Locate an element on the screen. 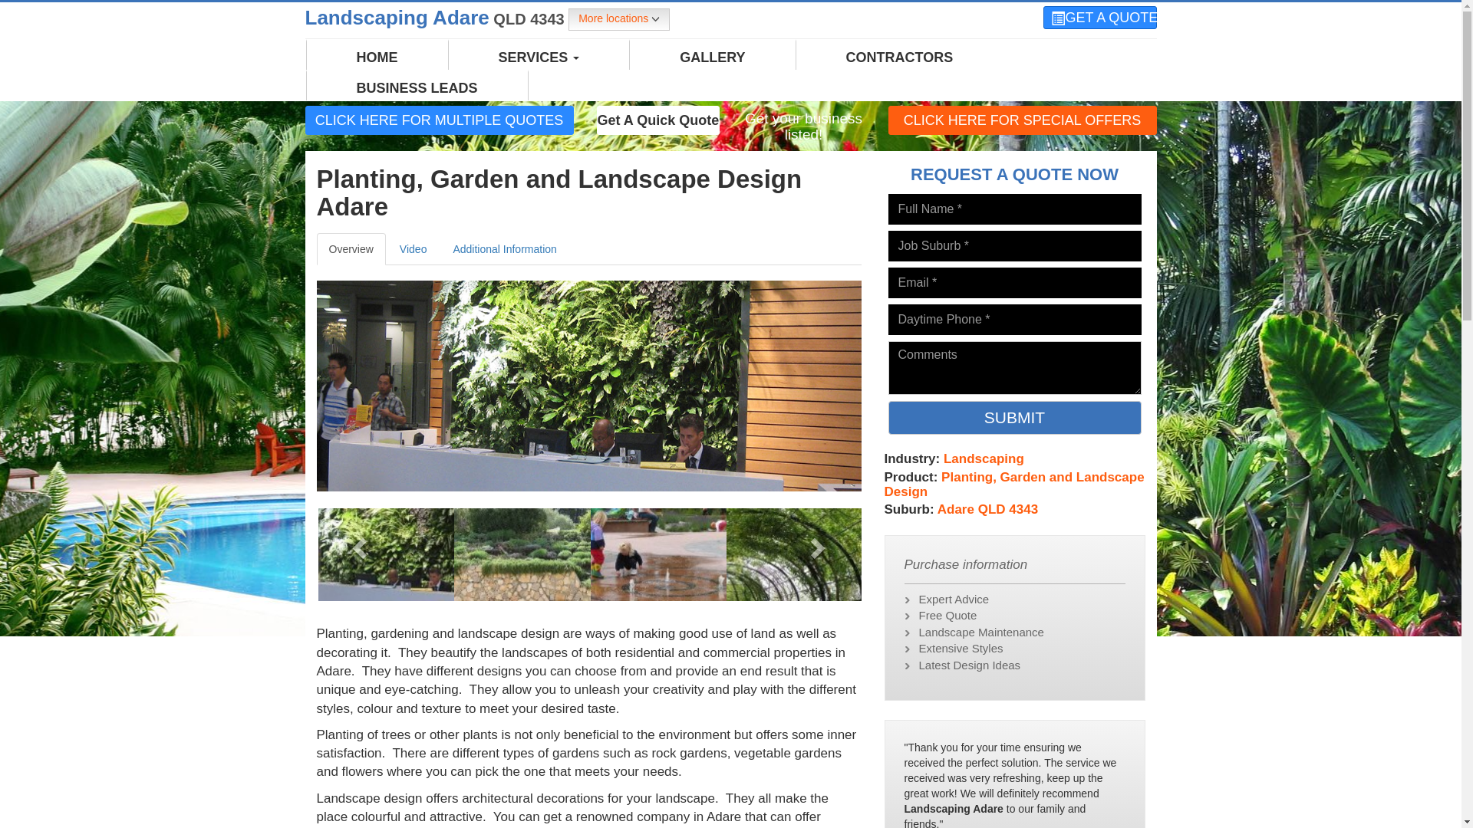 The image size is (1473, 828). 'CLICK HERE FOR MULTIPLE QUOTES' is located at coordinates (438, 120).